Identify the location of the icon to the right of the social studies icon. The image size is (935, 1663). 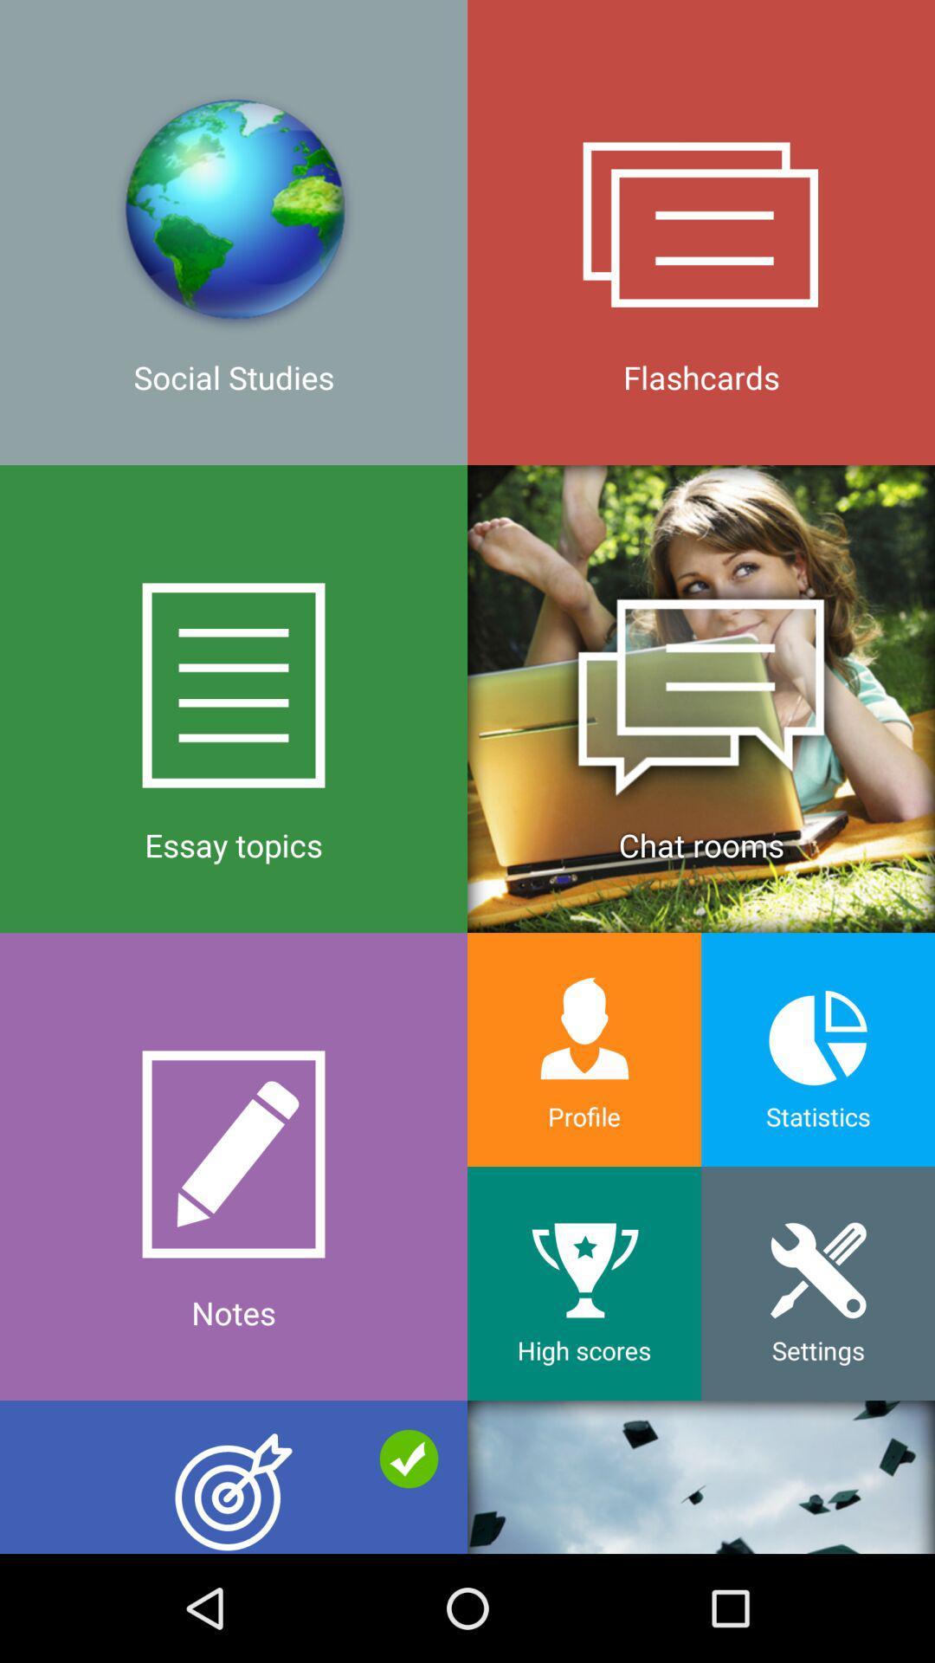
(701, 698).